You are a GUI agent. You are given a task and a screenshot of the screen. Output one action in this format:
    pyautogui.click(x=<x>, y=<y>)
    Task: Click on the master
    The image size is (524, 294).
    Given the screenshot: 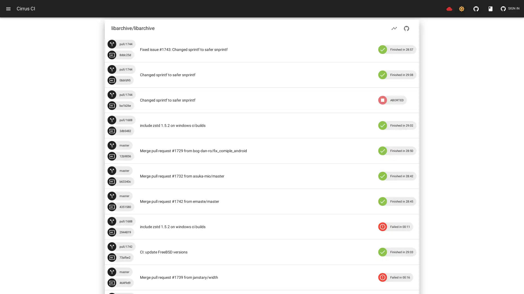 What is the action you would take?
    pyautogui.click(x=120, y=272)
    